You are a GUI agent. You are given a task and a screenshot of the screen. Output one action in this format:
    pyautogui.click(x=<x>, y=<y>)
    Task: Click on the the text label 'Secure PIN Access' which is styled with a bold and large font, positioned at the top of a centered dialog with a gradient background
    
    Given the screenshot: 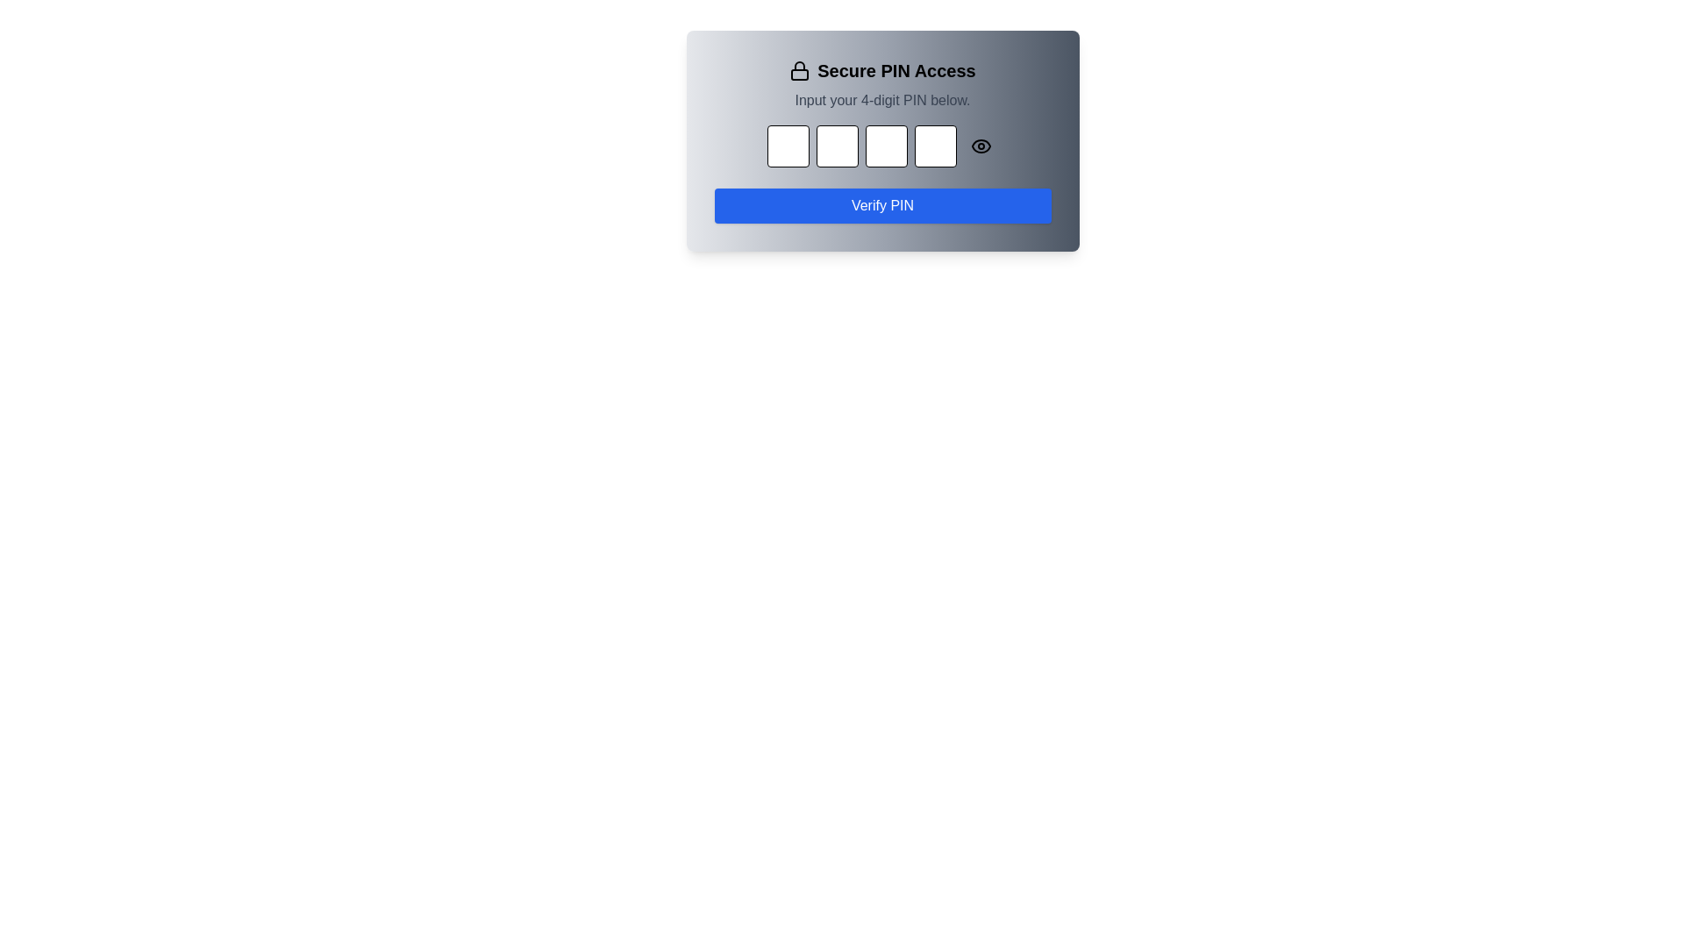 What is the action you would take?
    pyautogui.click(x=882, y=70)
    